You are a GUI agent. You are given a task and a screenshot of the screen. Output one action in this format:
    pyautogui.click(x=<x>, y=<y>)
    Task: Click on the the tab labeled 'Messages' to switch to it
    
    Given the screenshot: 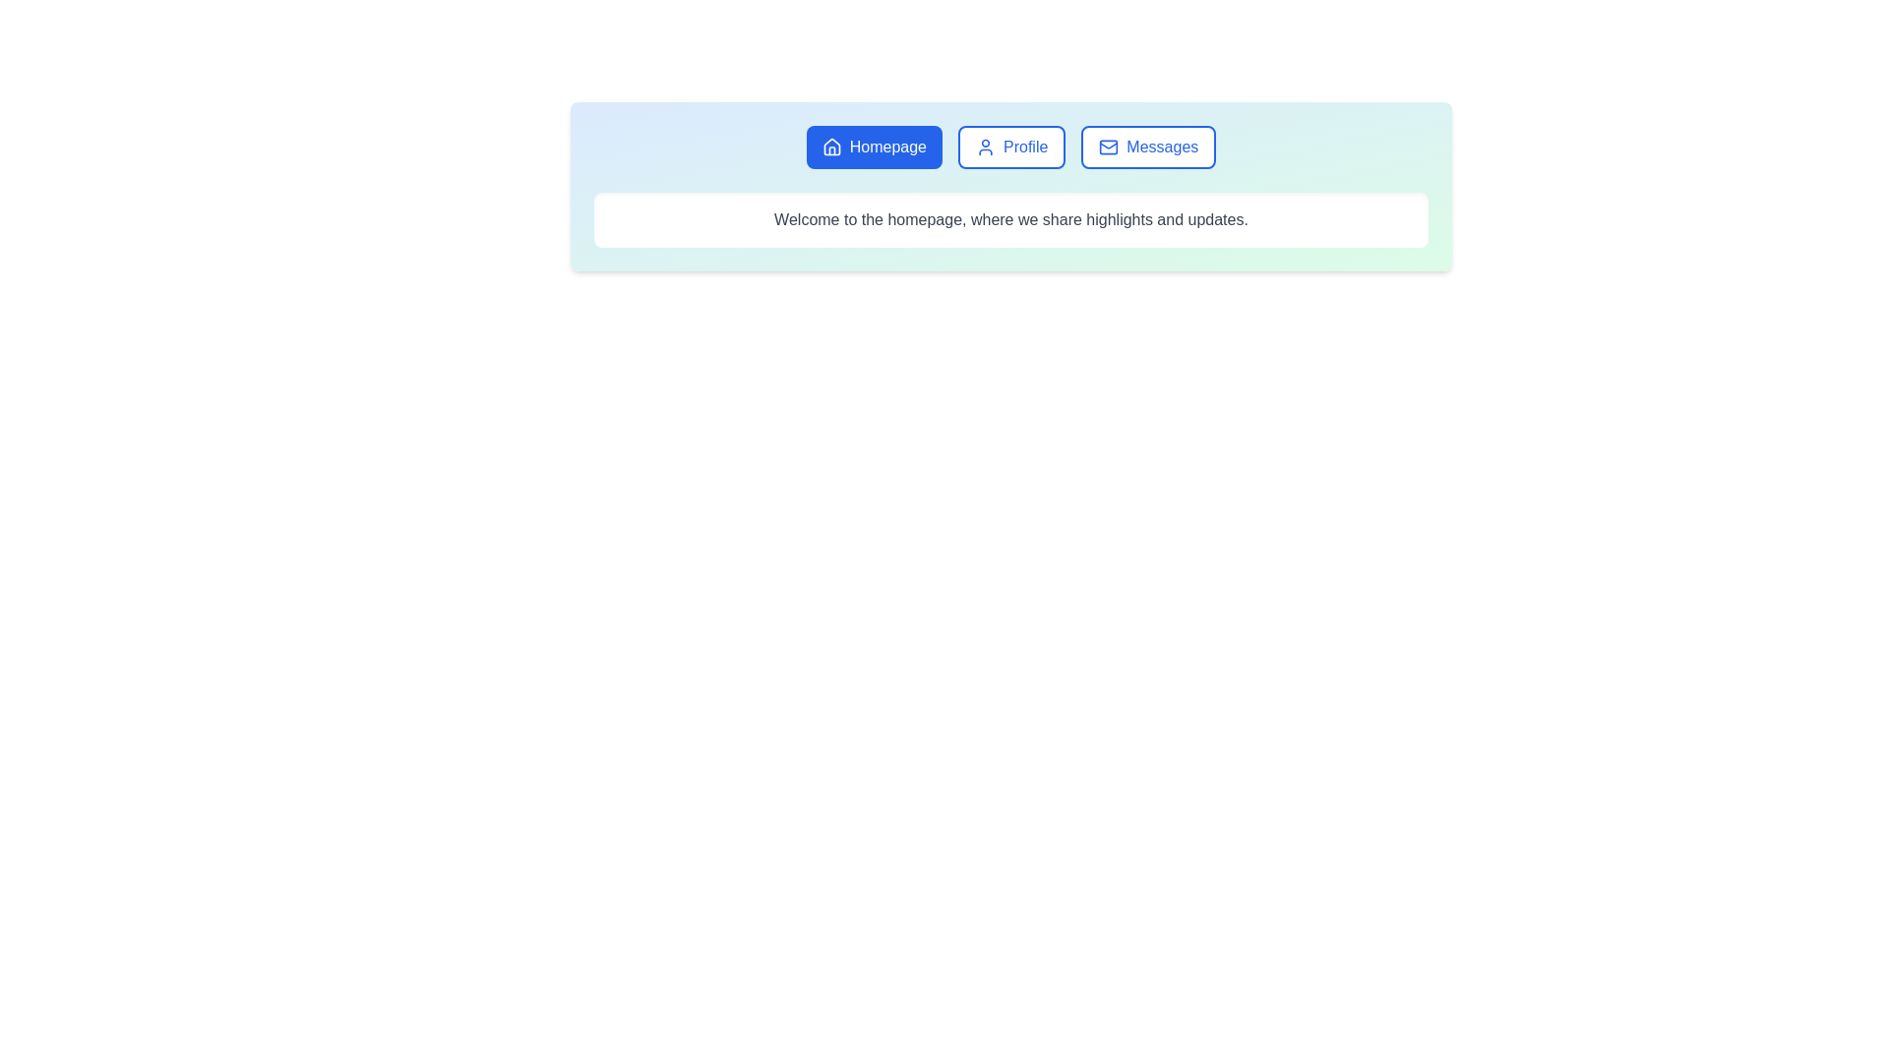 What is the action you would take?
    pyautogui.click(x=1148, y=147)
    